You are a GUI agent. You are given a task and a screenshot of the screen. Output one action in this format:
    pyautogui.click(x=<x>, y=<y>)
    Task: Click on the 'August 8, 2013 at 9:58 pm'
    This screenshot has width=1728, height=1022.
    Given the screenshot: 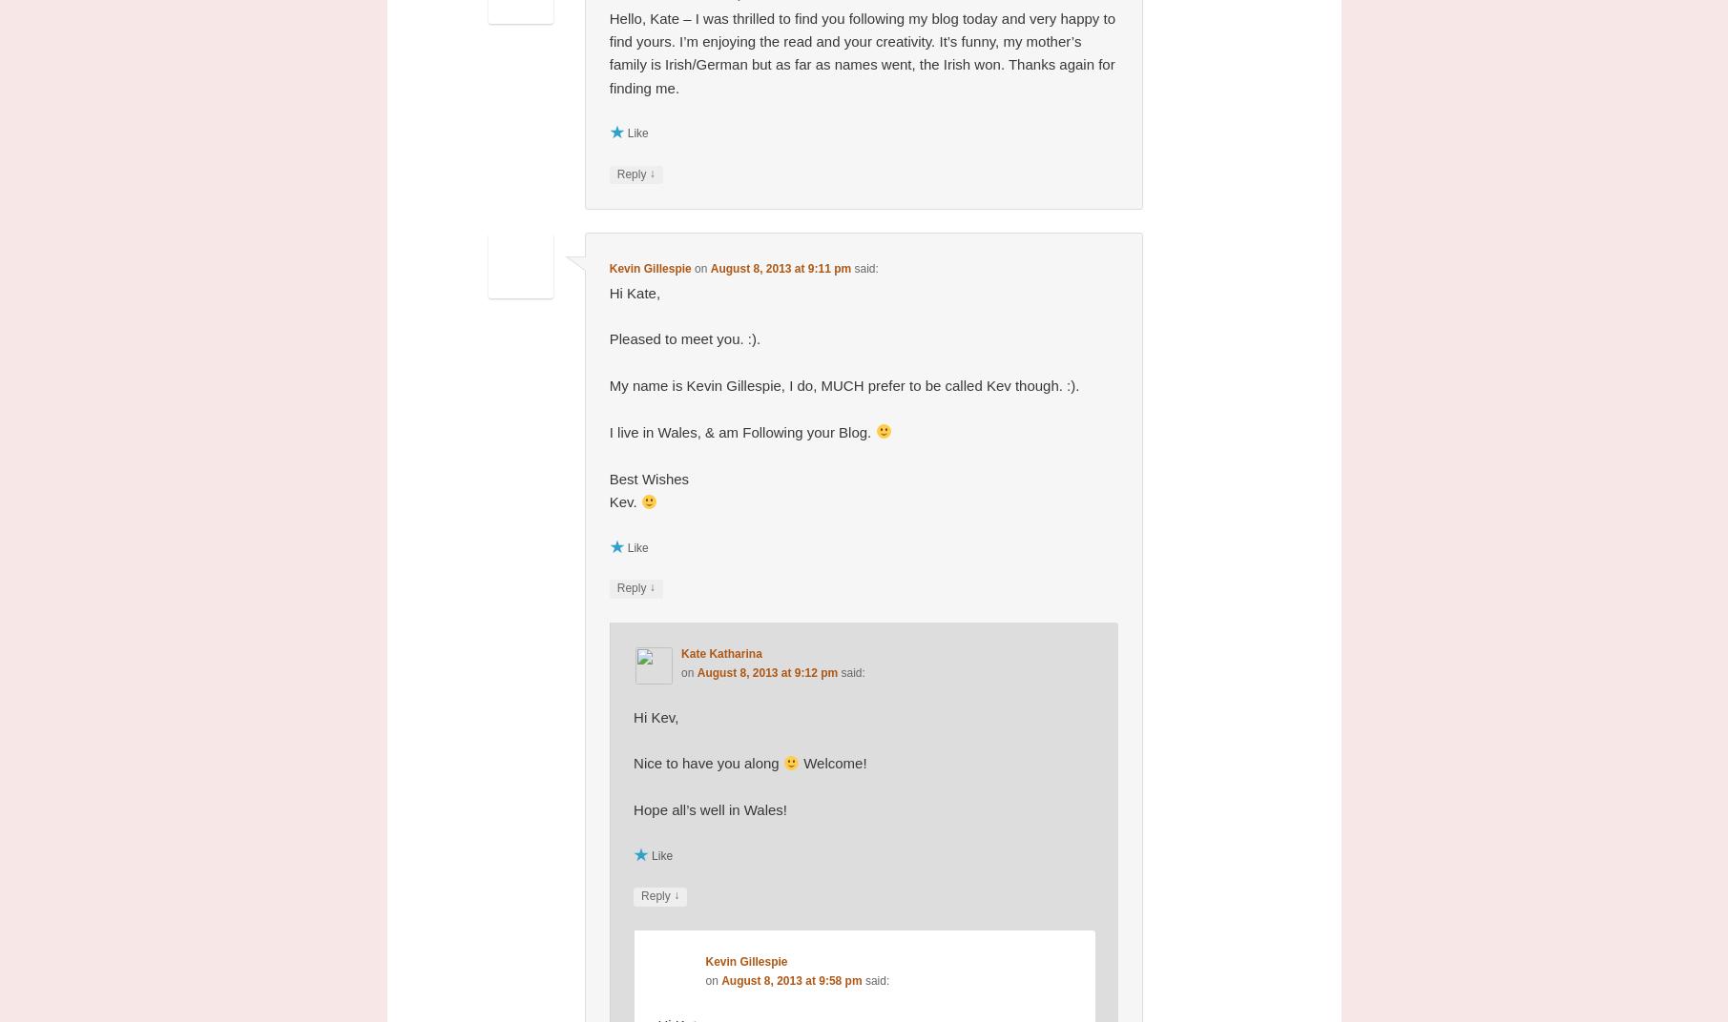 What is the action you would take?
    pyautogui.click(x=791, y=980)
    